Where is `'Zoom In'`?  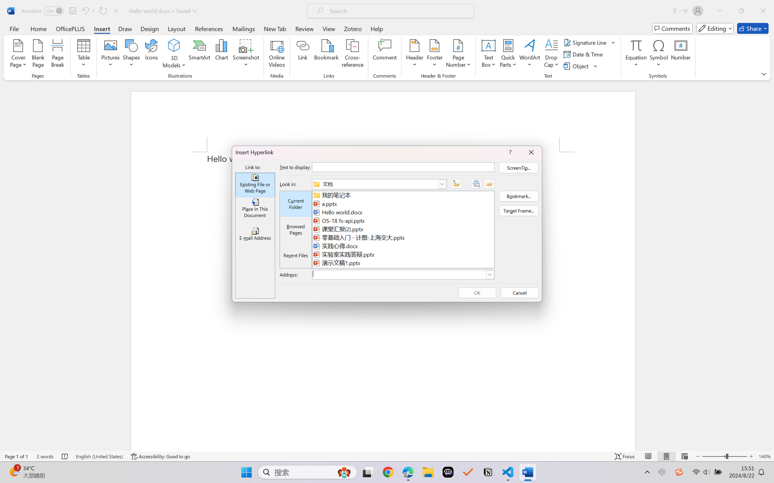 'Zoom In' is located at coordinates (751, 456).